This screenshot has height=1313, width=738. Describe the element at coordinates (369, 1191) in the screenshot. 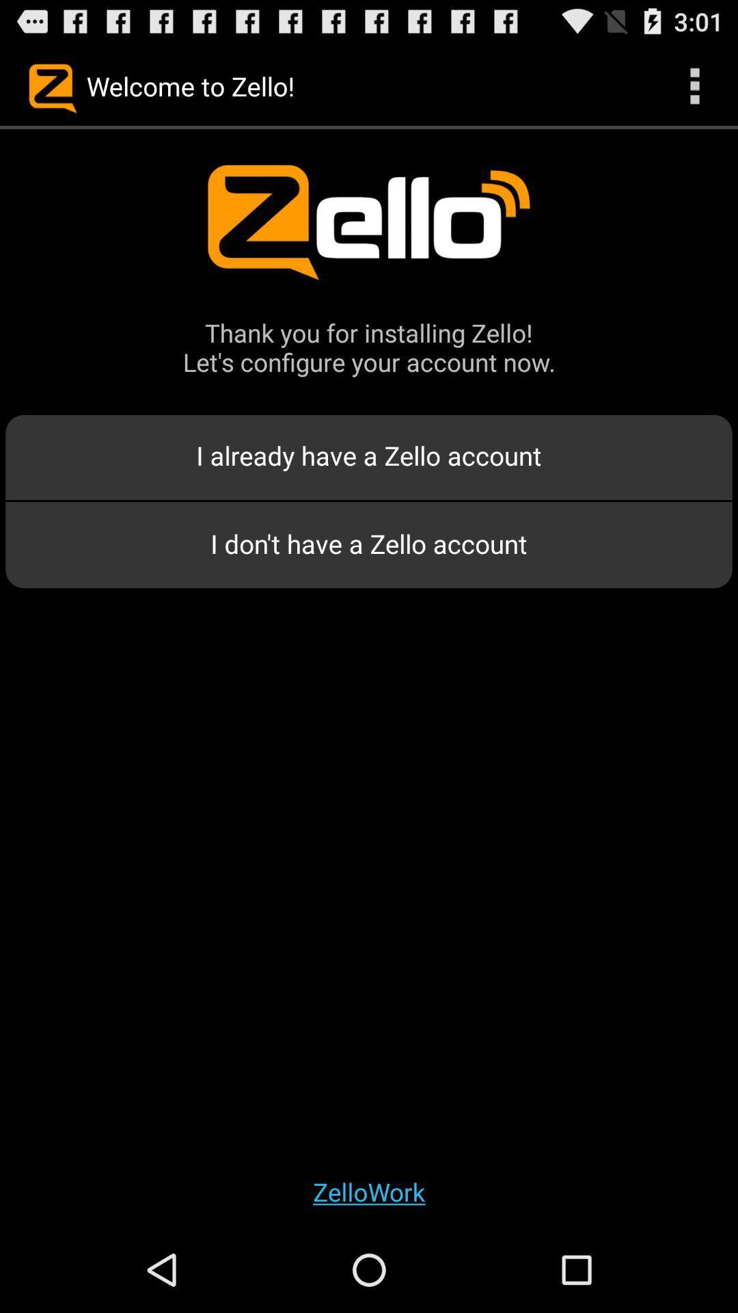

I see `the app at the bottom` at that location.